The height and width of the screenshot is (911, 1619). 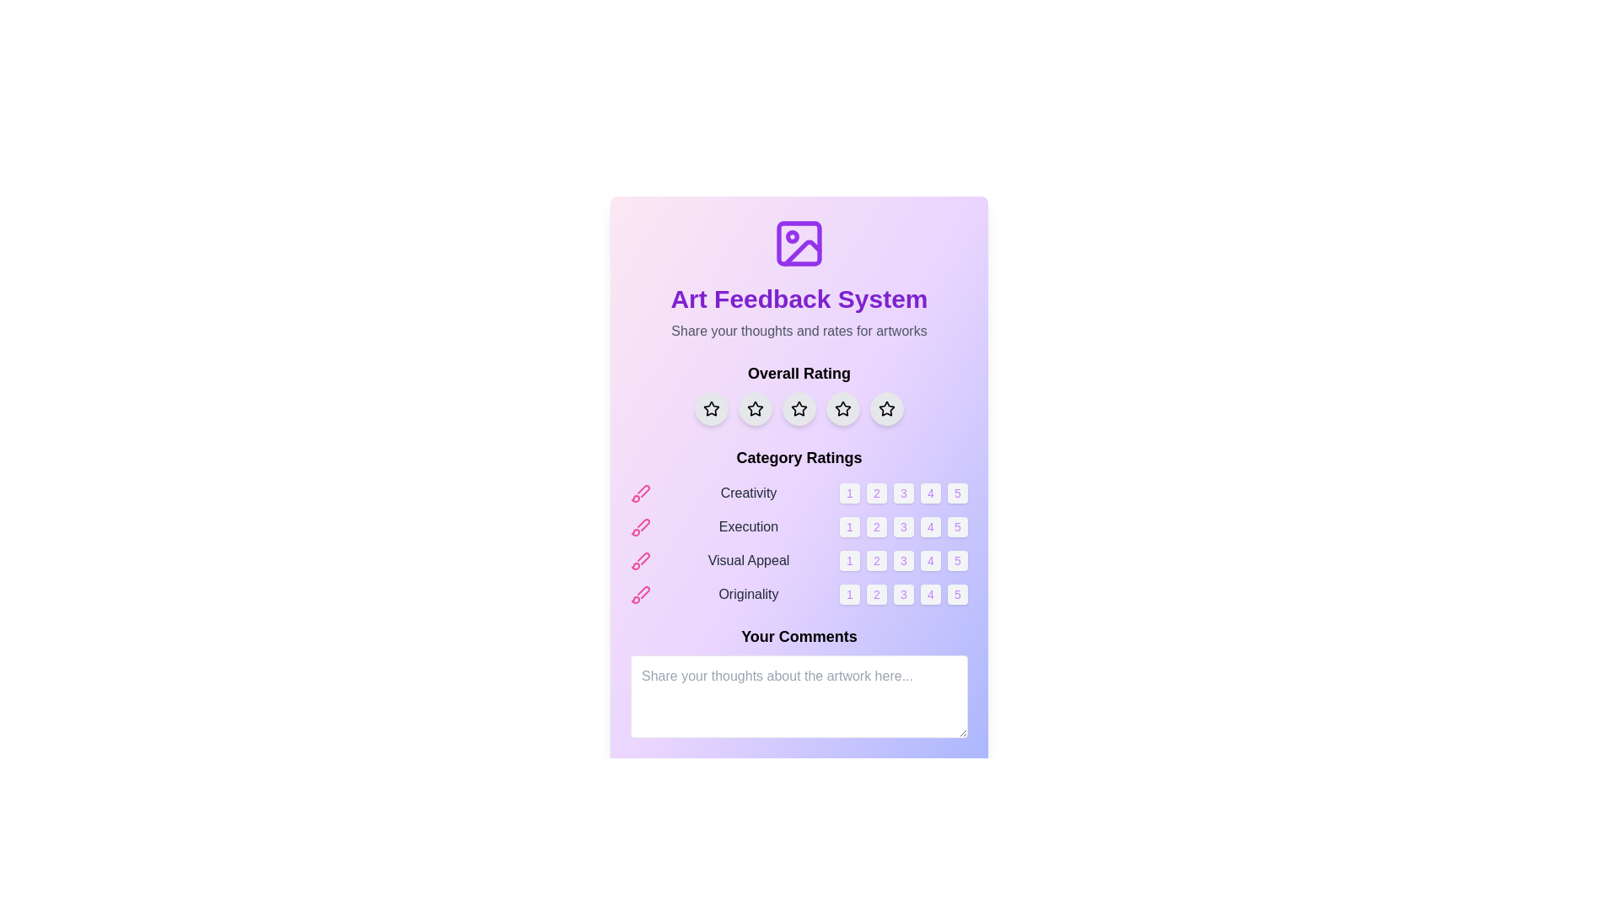 What do you see at coordinates (639, 493) in the screenshot?
I see `the pink-colored brush icon located to the left of the 'Creativity' label in the 'Category Ratings' section` at bounding box center [639, 493].